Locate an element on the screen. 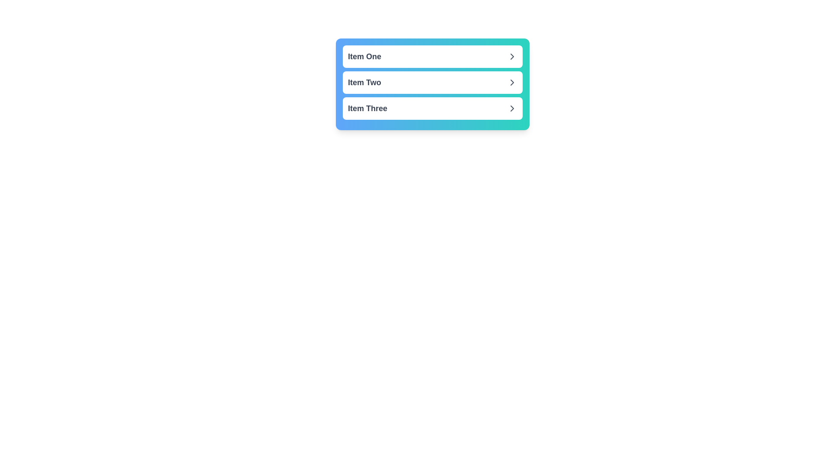 Image resolution: width=830 pixels, height=467 pixels. the Text label for the first item in the list is located at coordinates (364, 57).